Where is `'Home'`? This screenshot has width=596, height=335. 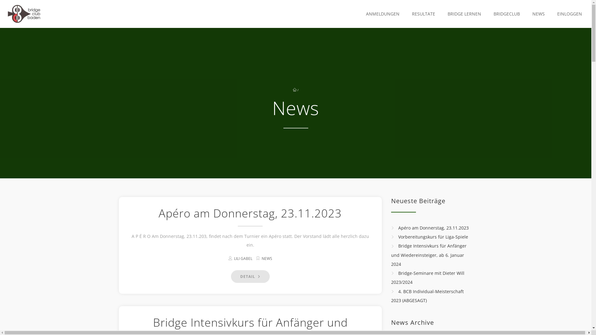
'Home' is located at coordinates (24, 14).